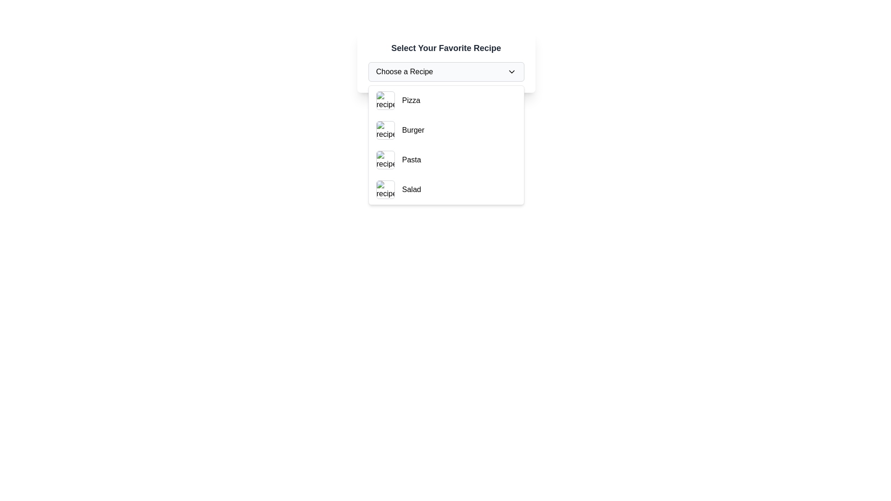 This screenshot has height=501, width=891. Describe the element at coordinates (446, 130) in the screenshot. I see `to select the 'Burger' option from the second item in the vertical dropdown list, which includes a small square image labeled 'recipe' and is located below the 'Pizza' item` at that location.